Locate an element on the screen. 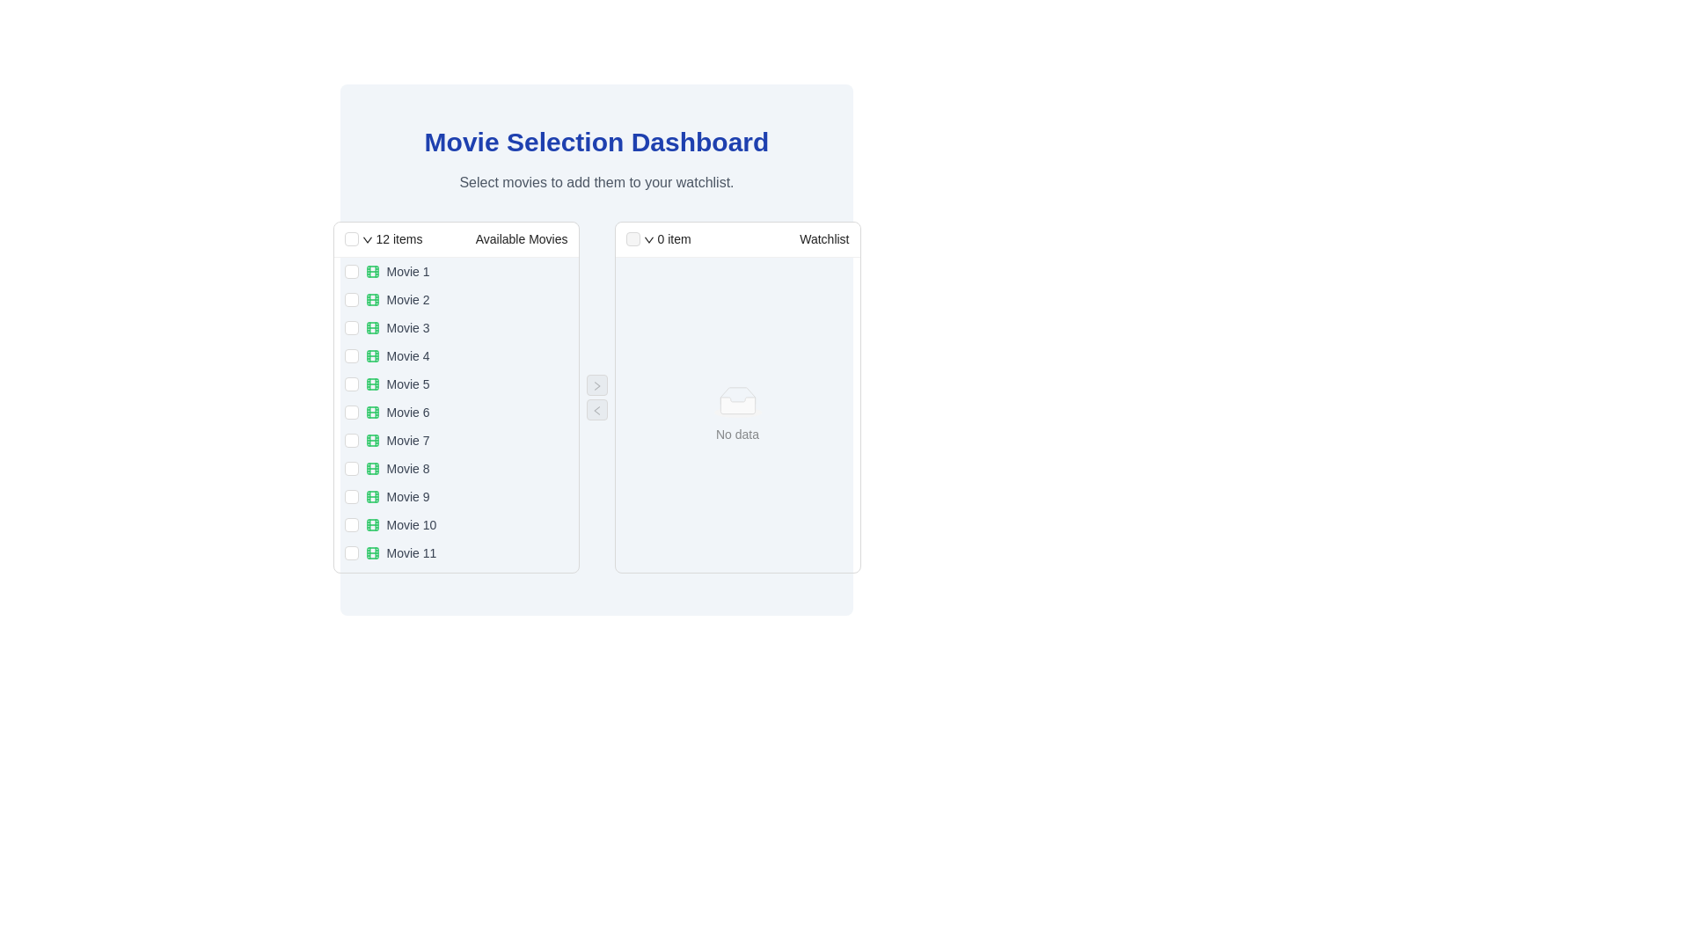 This screenshot has height=950, width=1689. the checkbox for 'Movie 3' to mark it as selected is located at coordinates (351, 328).